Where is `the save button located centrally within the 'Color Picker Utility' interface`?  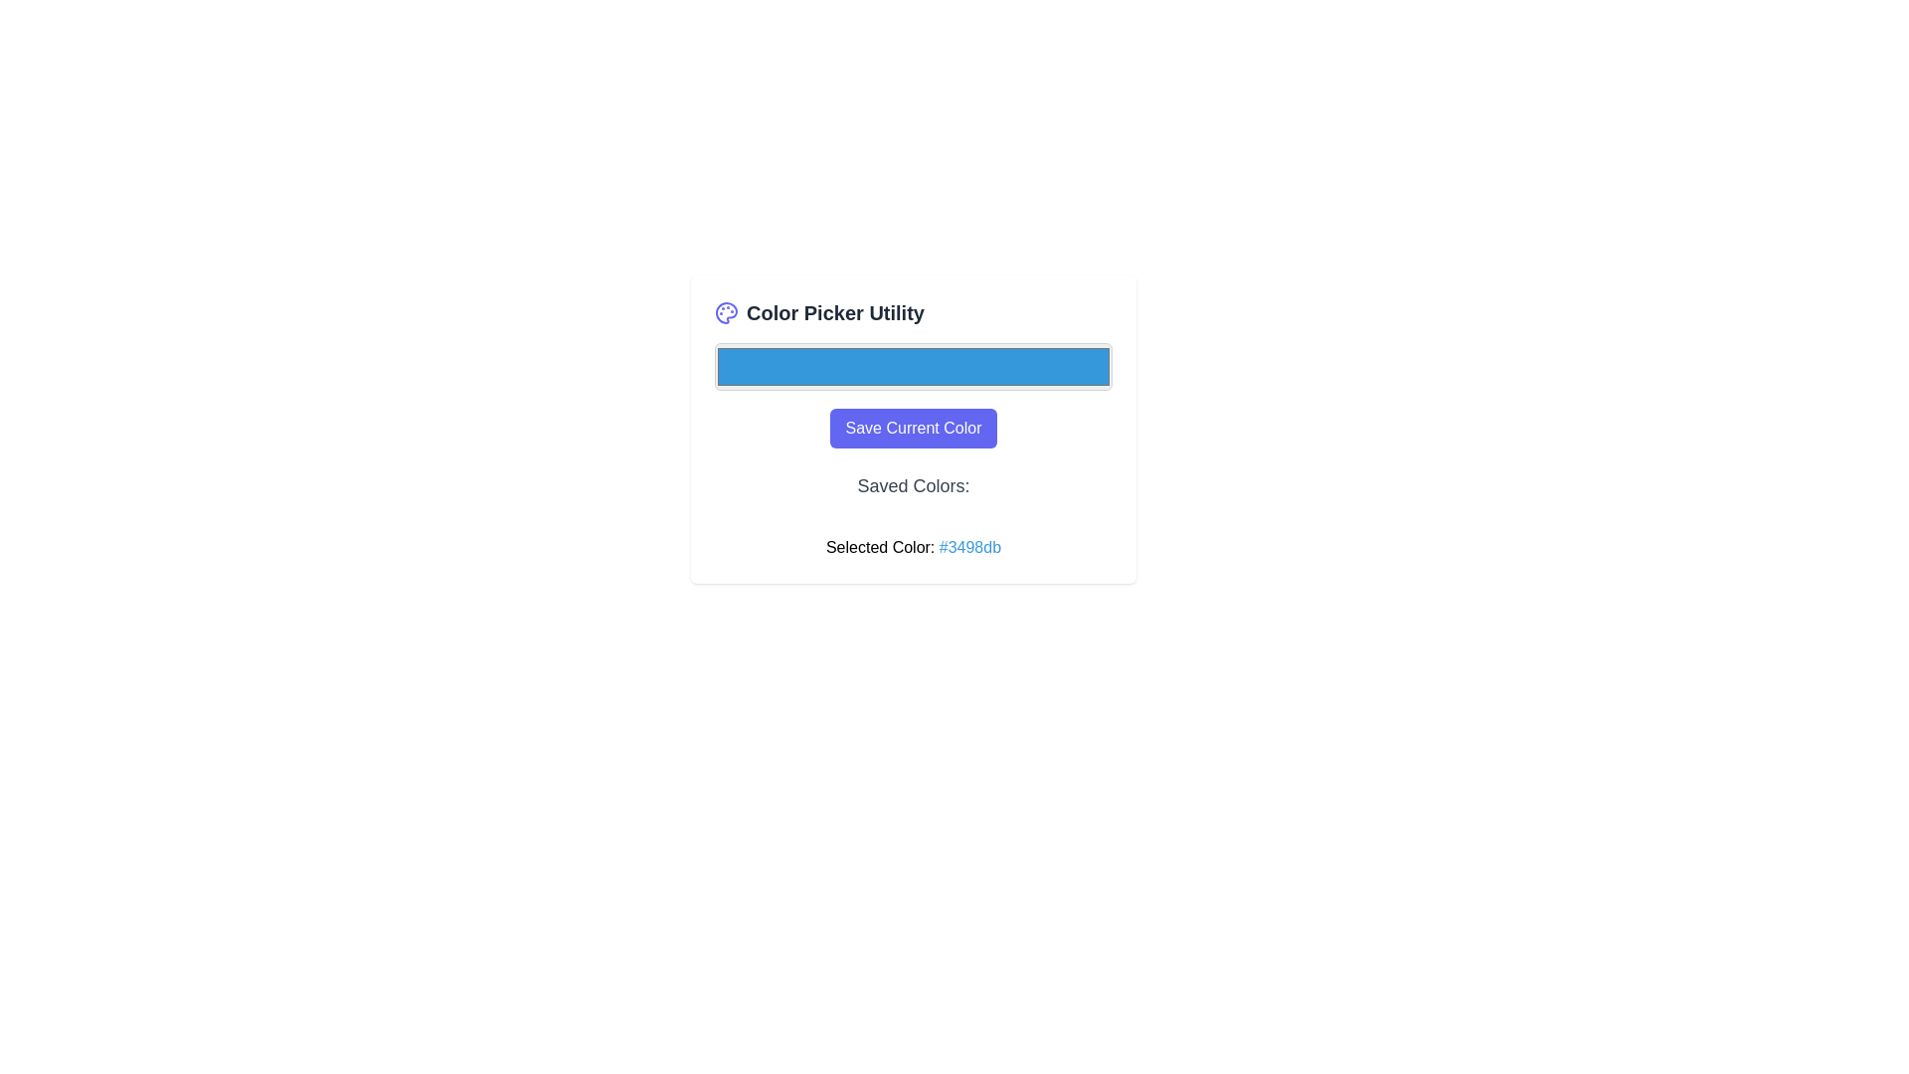 the save button located centrally within the 'Color Picker Utility' interface is located at coordinates (912, 428).